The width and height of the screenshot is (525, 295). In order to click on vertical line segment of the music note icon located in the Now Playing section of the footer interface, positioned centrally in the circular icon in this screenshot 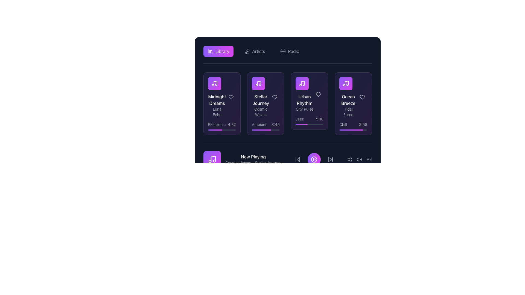, I will do `click(213, 159)`.